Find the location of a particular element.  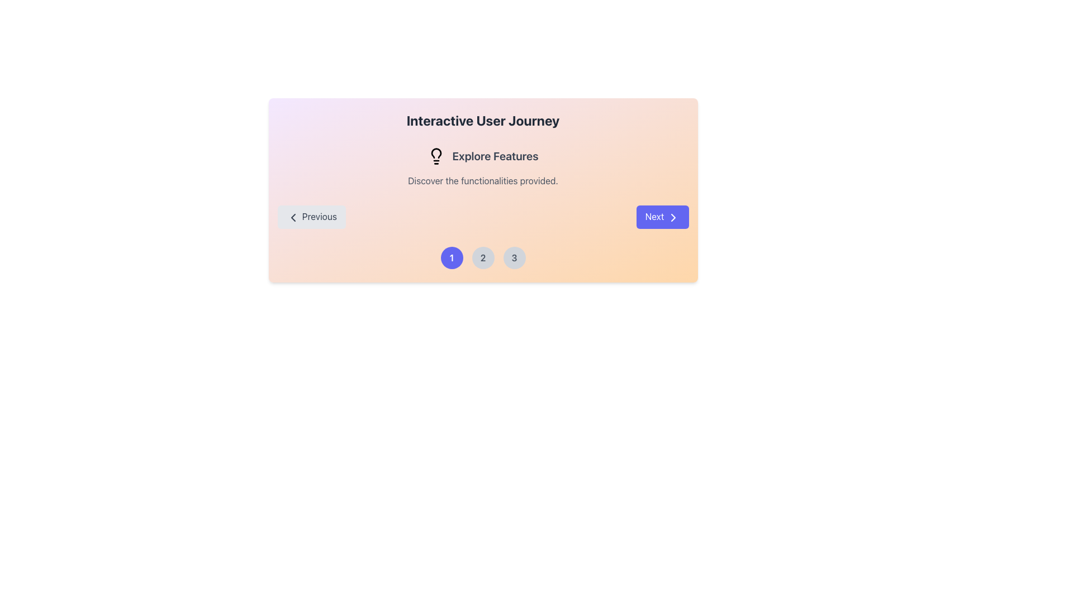

the circular button displaying the number '3' with a light gray background is located at coordinates (514, 257).